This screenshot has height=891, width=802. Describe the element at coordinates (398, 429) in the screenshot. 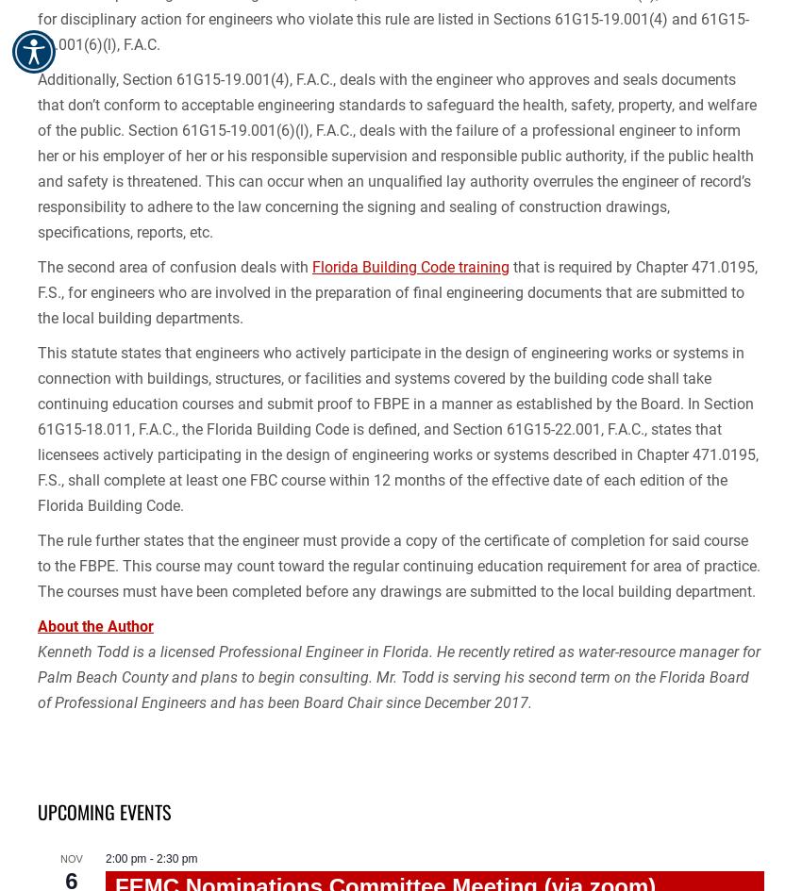

I see `'This statute states that engineers who actively participate in the design of engineering works or systems in connection with buildings, structures, or facilities and systems covered by the building code shall take continuing education courses and submit proof to FBPE in a manner as established by the Board. In Section 61G15-18.011, F.A.C., the Florida Building Code is defined, and Section 61G15-22.001, F.A.C., states that licensees actively participating in the design of engineering works or systems described in Chapter 471.0195, F.S., shall complete at least one FBC course within 12 months of the effective date of each edition of the Florida Building Code.'` at that location.